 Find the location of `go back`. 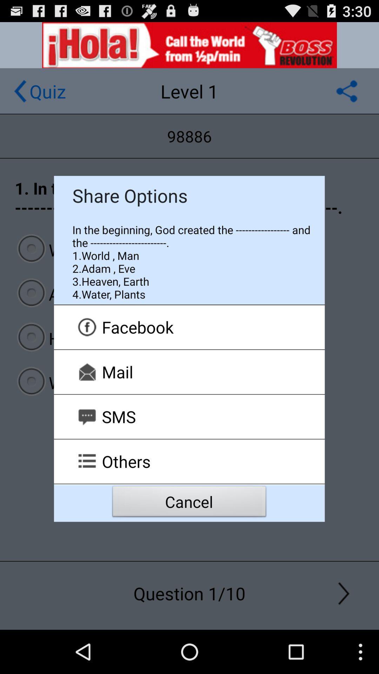

go back is located at coordinates (20, 91).